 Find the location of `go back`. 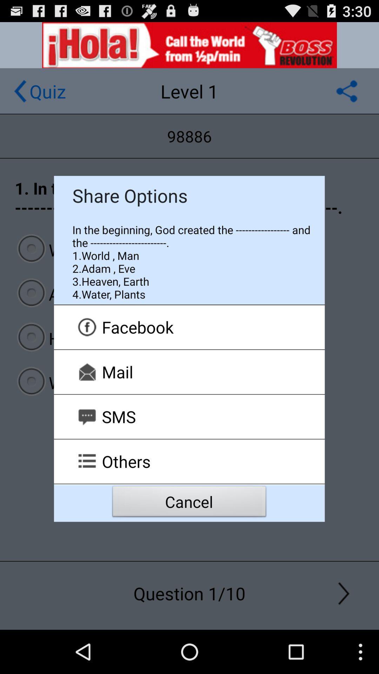

go back is located at coordinates (20, 91).